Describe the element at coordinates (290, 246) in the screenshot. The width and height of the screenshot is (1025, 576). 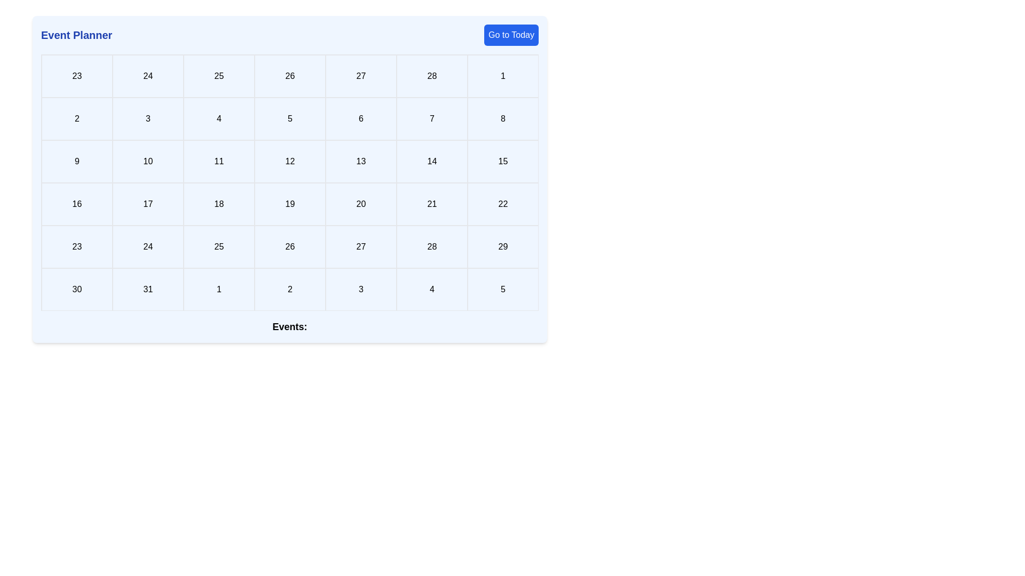
I see `the grid cell in the 4th row and 4th column displaying the number '26'` at that location.